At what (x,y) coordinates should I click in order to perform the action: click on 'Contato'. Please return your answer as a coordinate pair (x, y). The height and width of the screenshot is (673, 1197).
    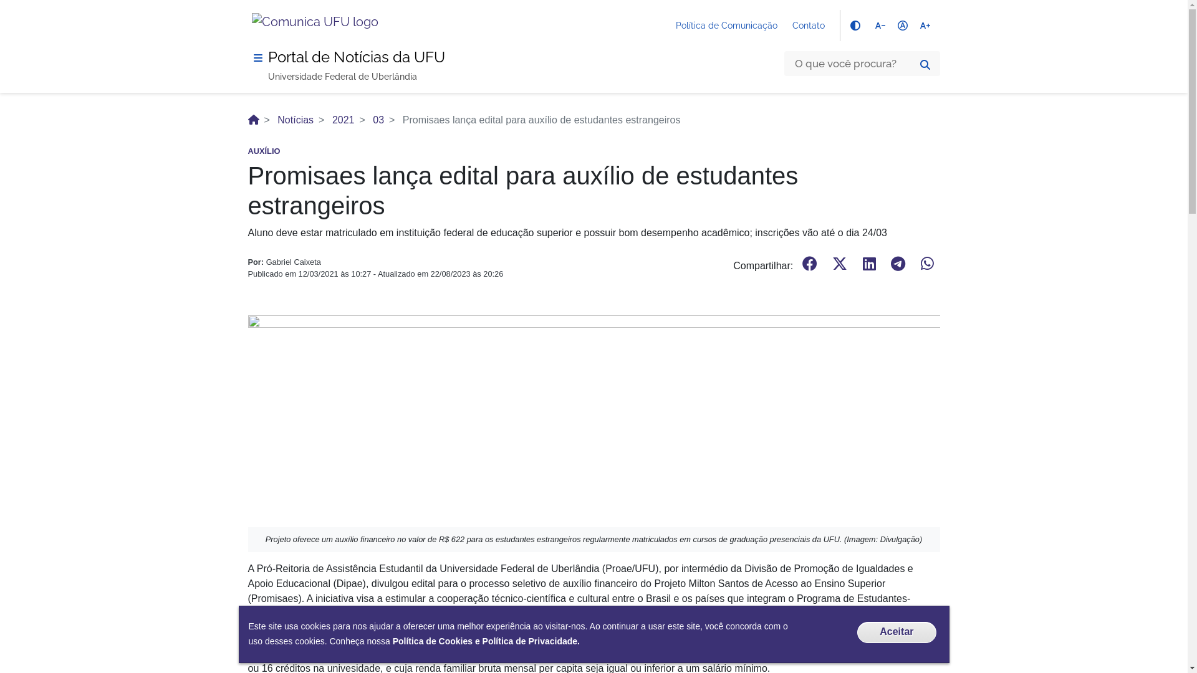
    Looking at the image, I should click on (786, 26).